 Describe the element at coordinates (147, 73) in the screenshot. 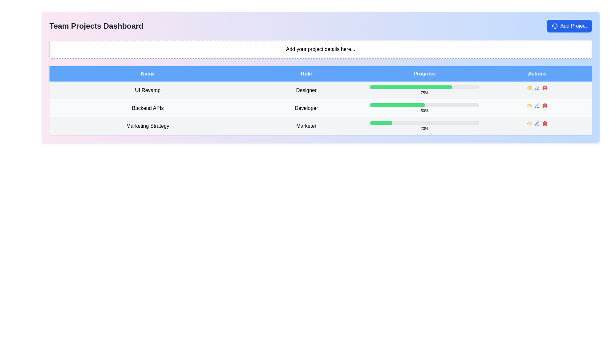

I see `the 'Name' column header in the table, which is the first column header located under the text input box` at that location.